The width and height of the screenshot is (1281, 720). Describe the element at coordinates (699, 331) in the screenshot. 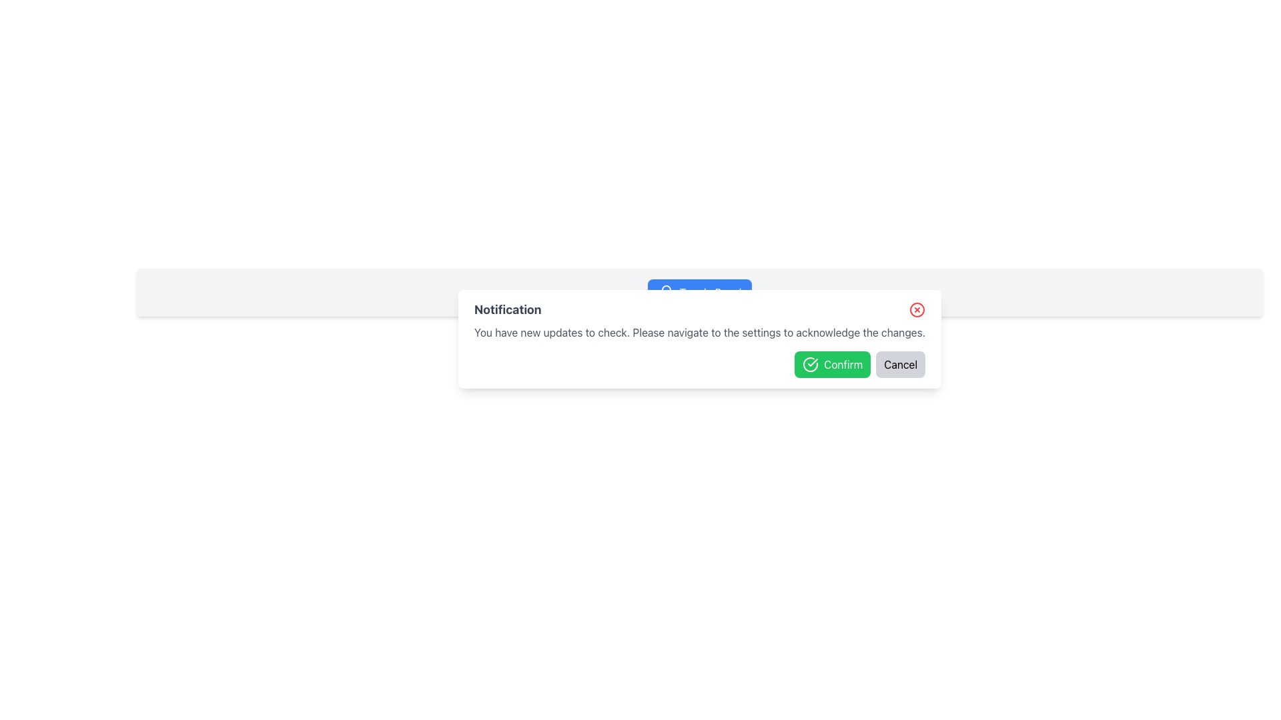

I see `informational text from the Static Text Content located in the notification dialog box, positioned below the 'Notification' title and above the 'Confirm' and 'Cancel' buttons` at that location.